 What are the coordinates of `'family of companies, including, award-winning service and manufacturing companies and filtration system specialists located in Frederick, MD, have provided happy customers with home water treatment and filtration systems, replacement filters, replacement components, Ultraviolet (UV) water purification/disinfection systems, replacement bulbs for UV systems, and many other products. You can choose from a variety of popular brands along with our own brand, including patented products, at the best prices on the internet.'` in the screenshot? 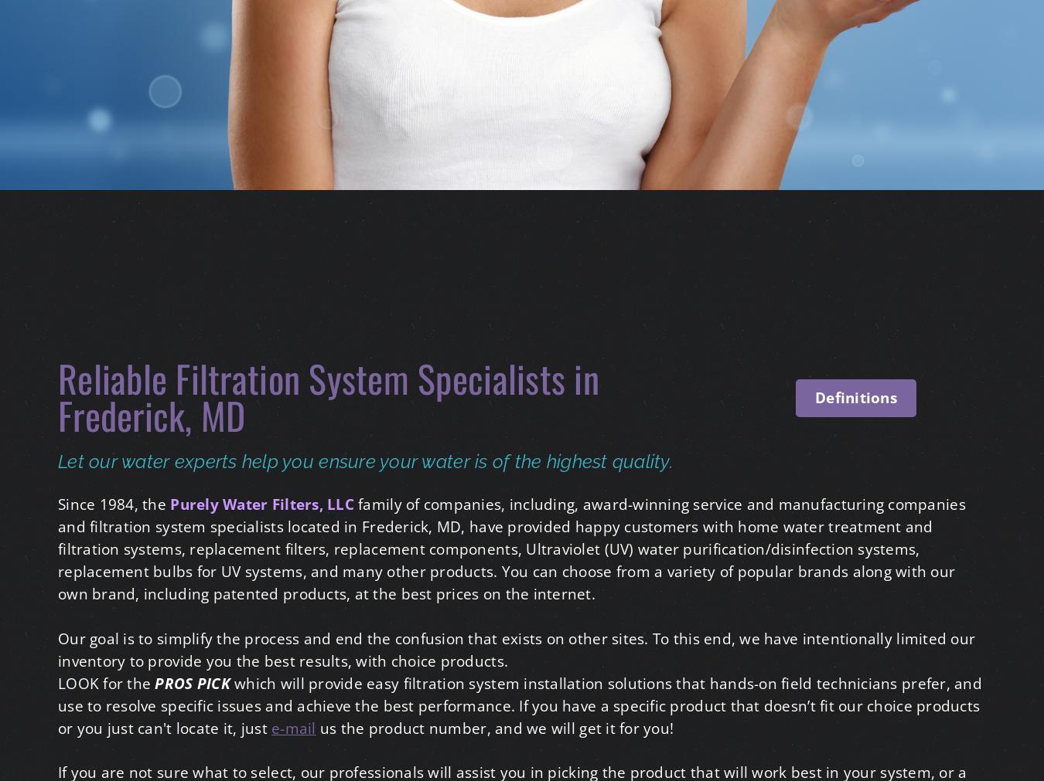 It's located at (511, 547).